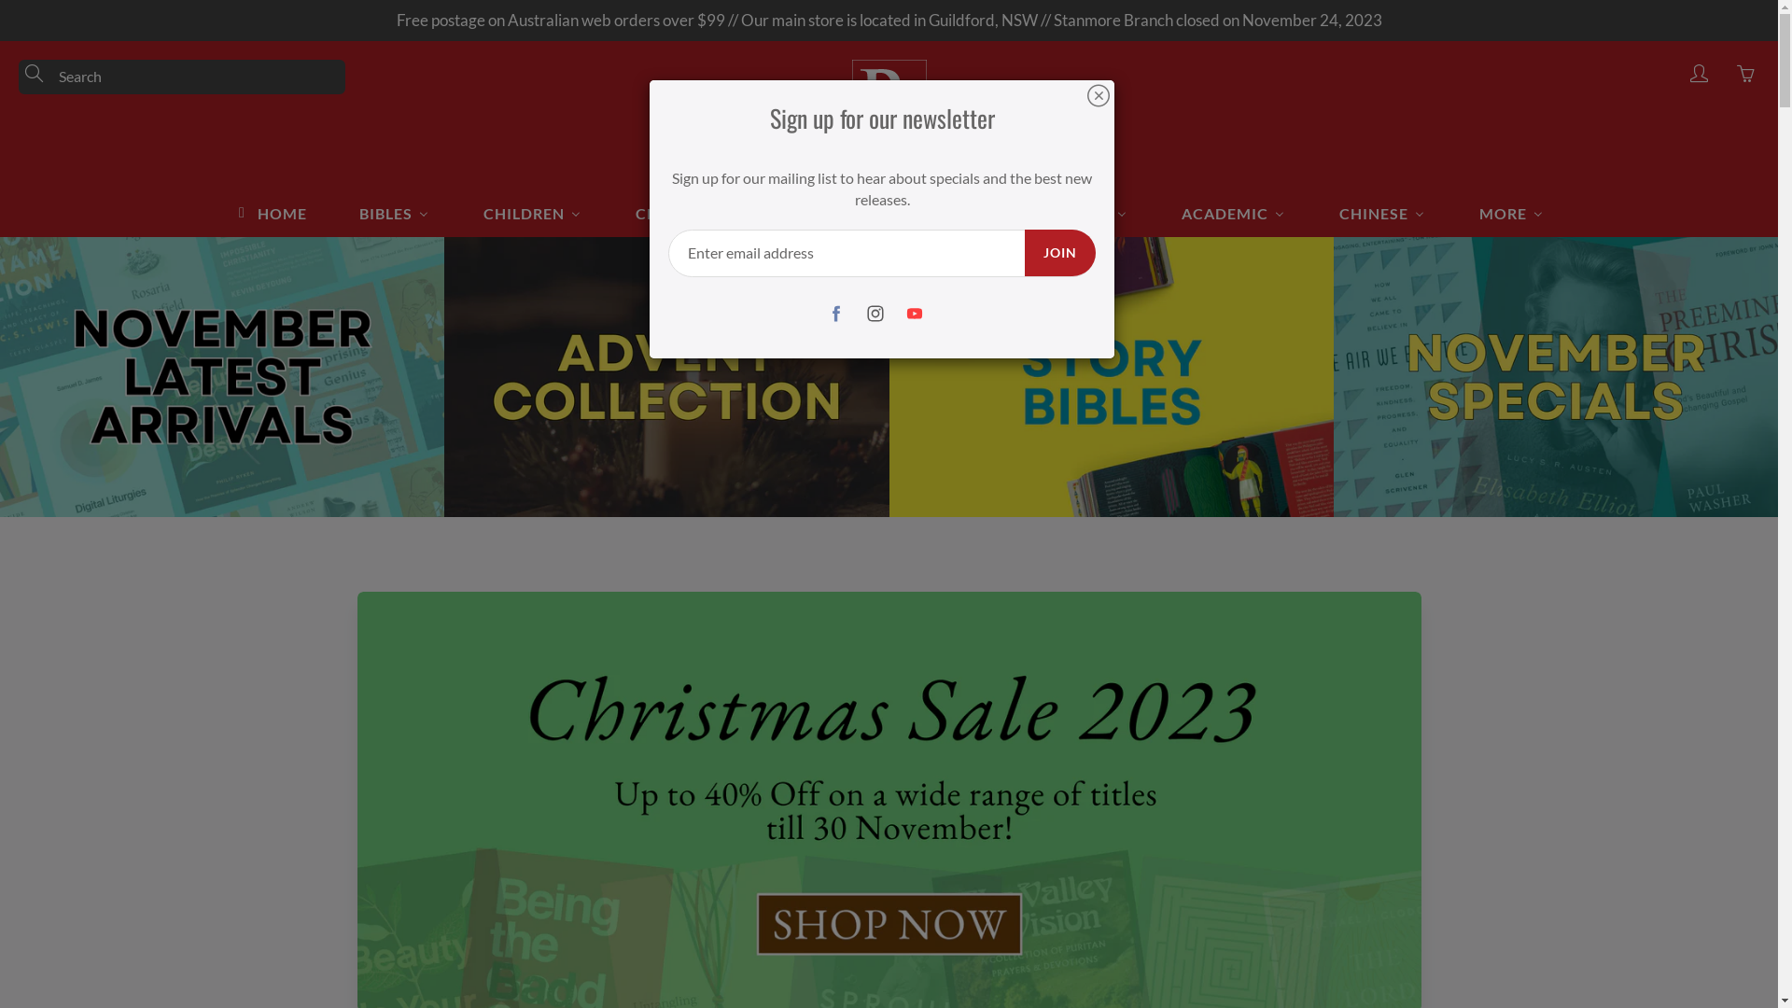 This screenshot has height=1008, width=1792. I want to click on 'CHILDREN', so click(531, 211).